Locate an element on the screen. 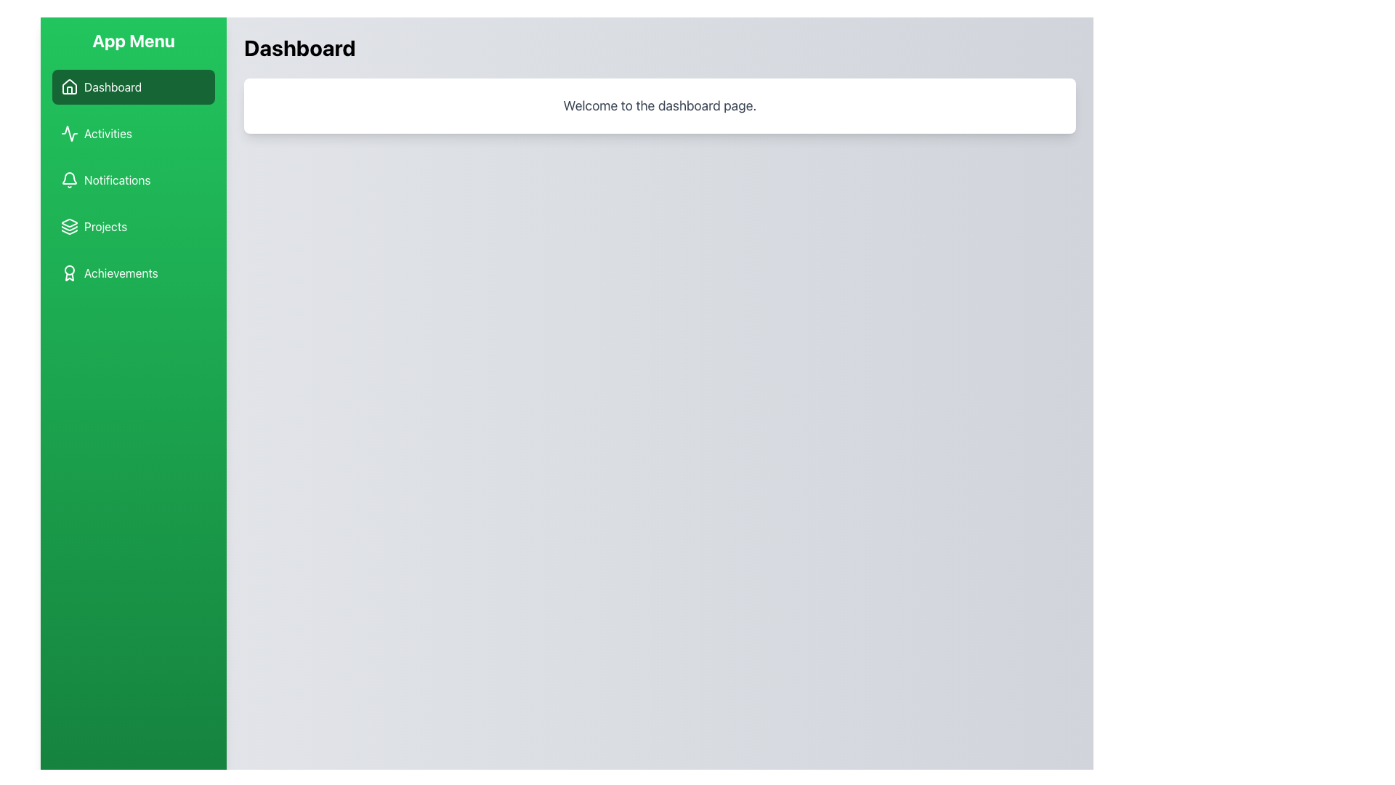  the bell icon in the sidebar menu is located at coordinates (69, 179).